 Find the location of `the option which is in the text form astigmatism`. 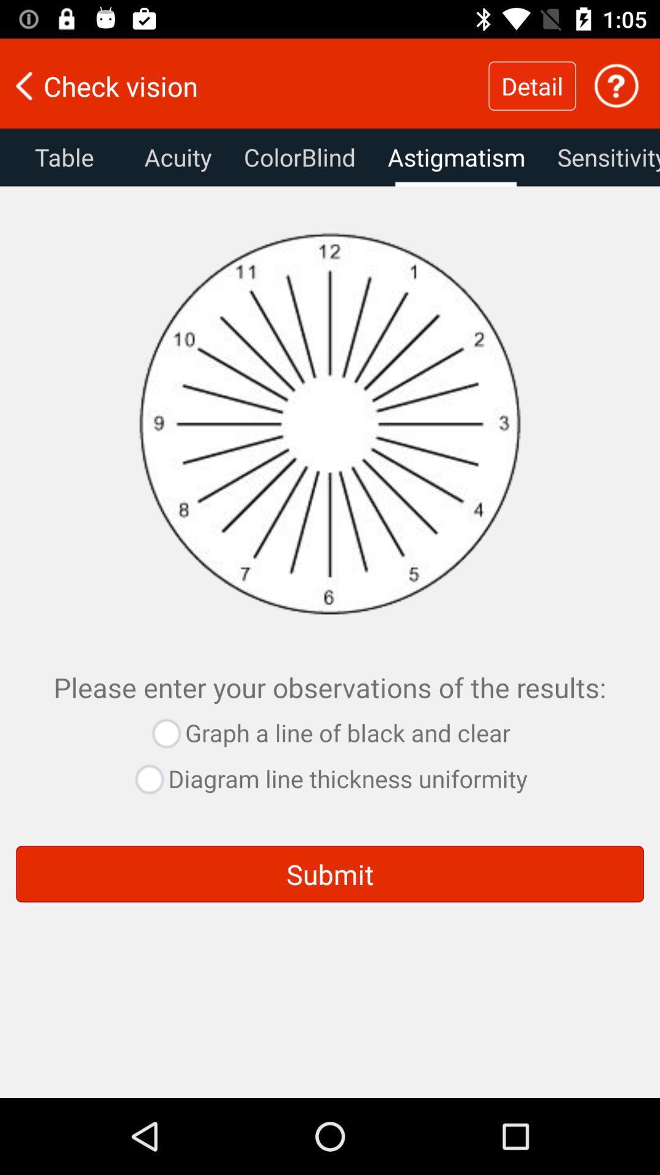

the option which is in the text form astigmatism is located at coordinates (457, 157).